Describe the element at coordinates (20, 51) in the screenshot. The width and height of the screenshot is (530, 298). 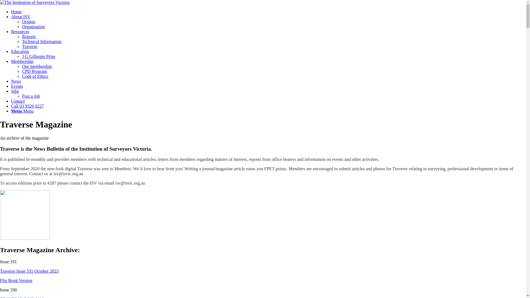
I see `'Education'` at that location.